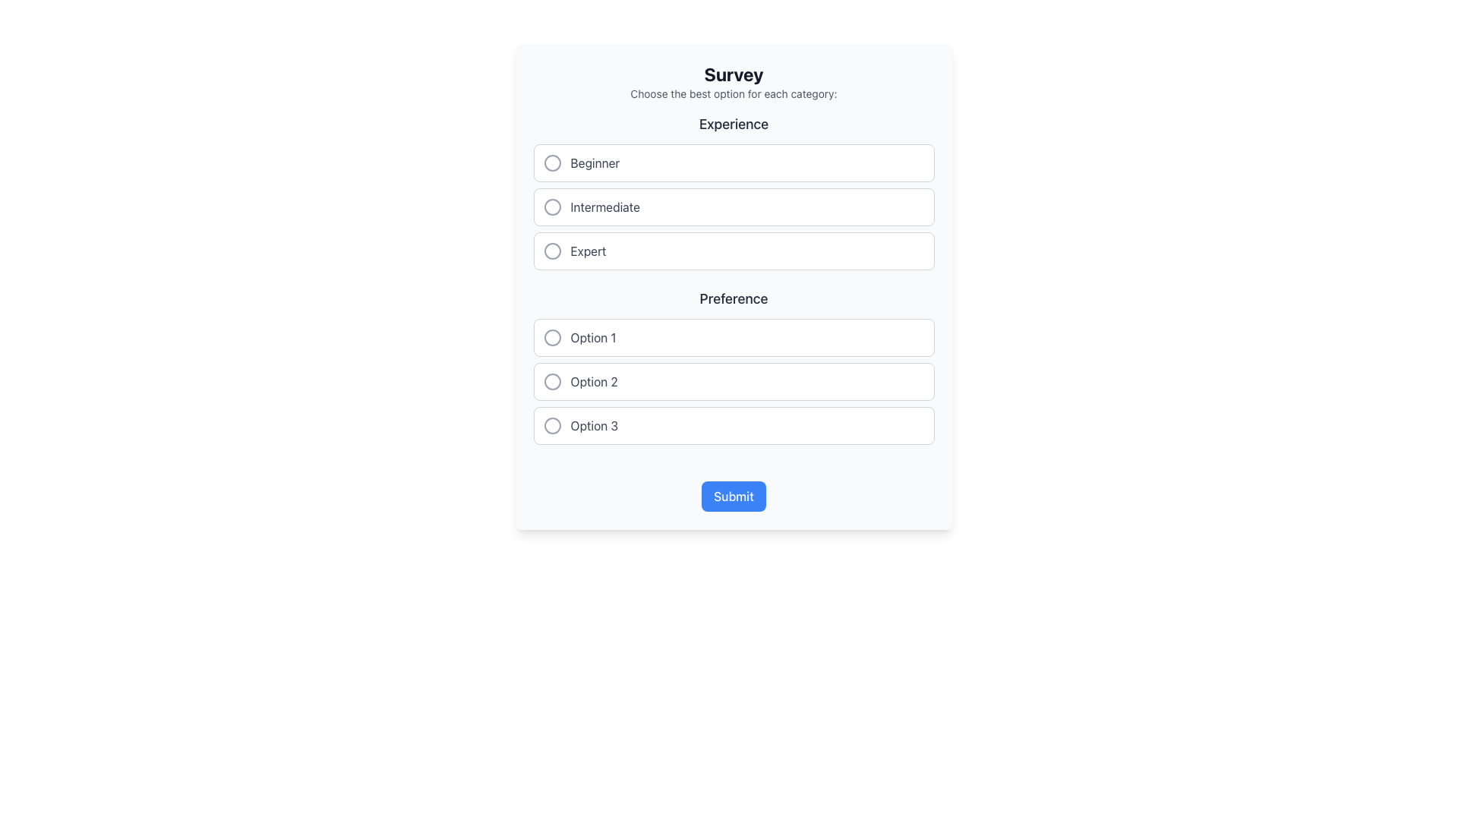 This screenshot has height=820, width=1458. Describe the element at coordinates (551, 425) in the screenshot. I see `the circular radio button representing 'Option 3' in the 'Preference' section by clicking on it` at that location.